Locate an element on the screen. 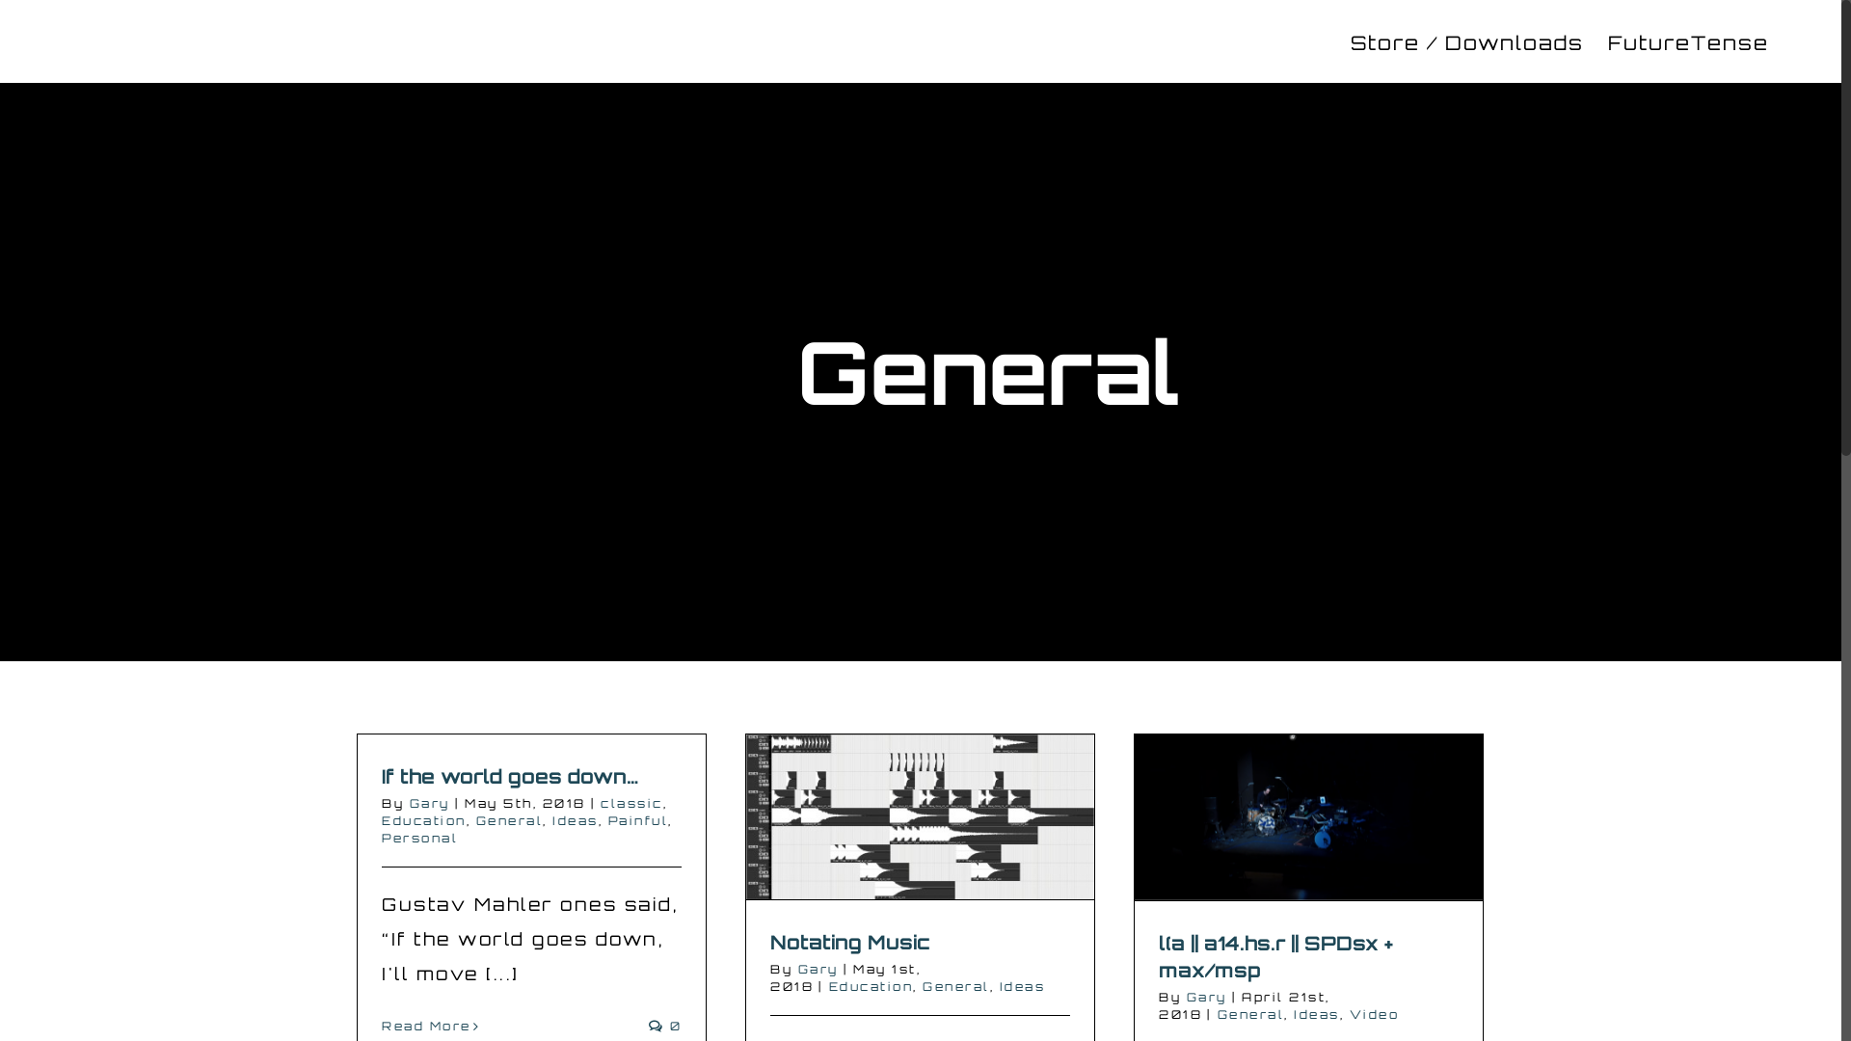  'Painful' is located at coordinates (605, 820).